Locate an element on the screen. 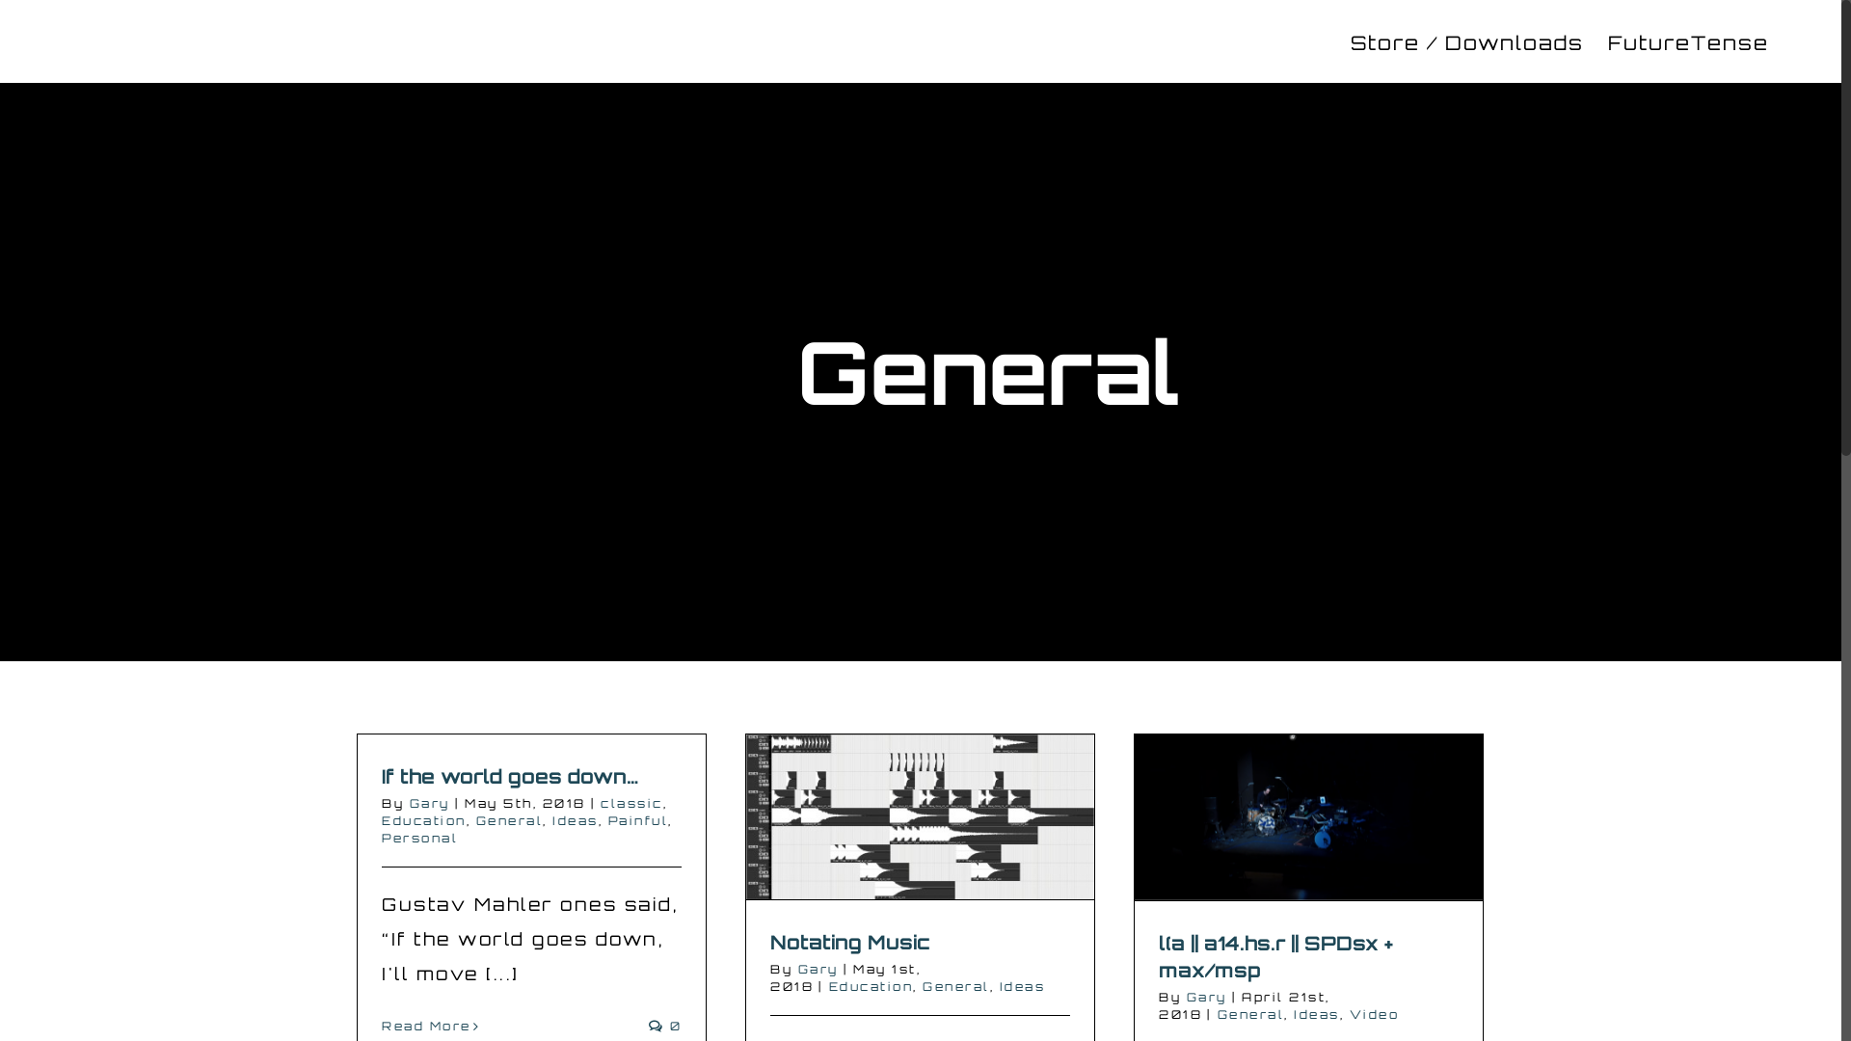  'Painful' is located at coordinates (605, 820).